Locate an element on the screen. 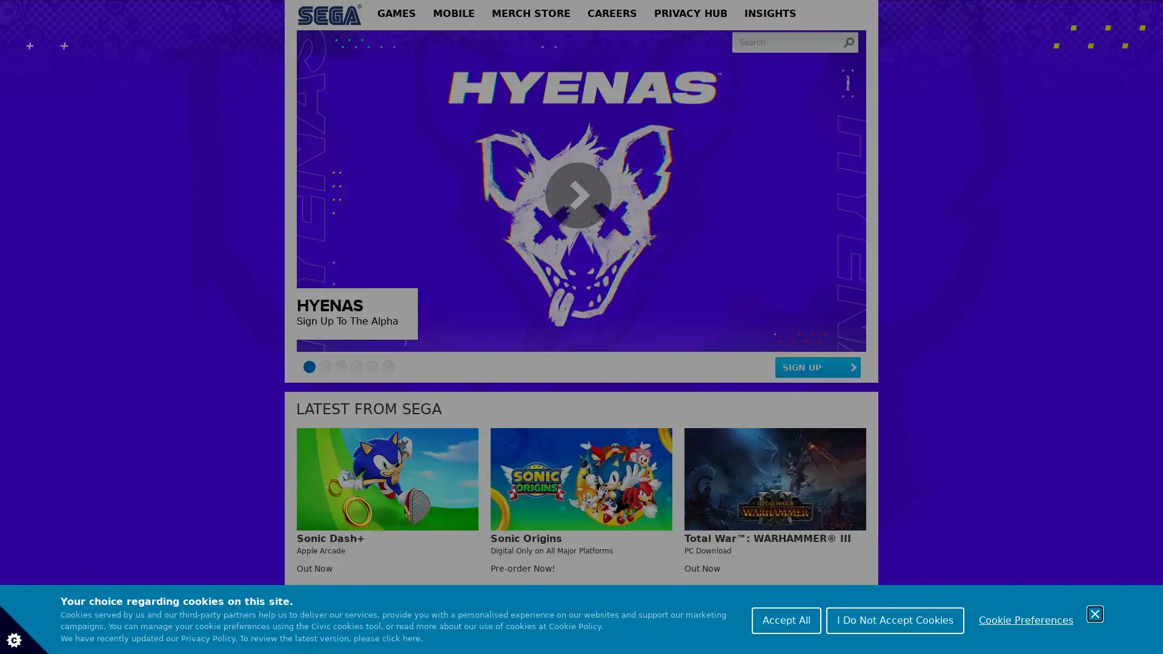  Apply is located at coordinates (848, 41).